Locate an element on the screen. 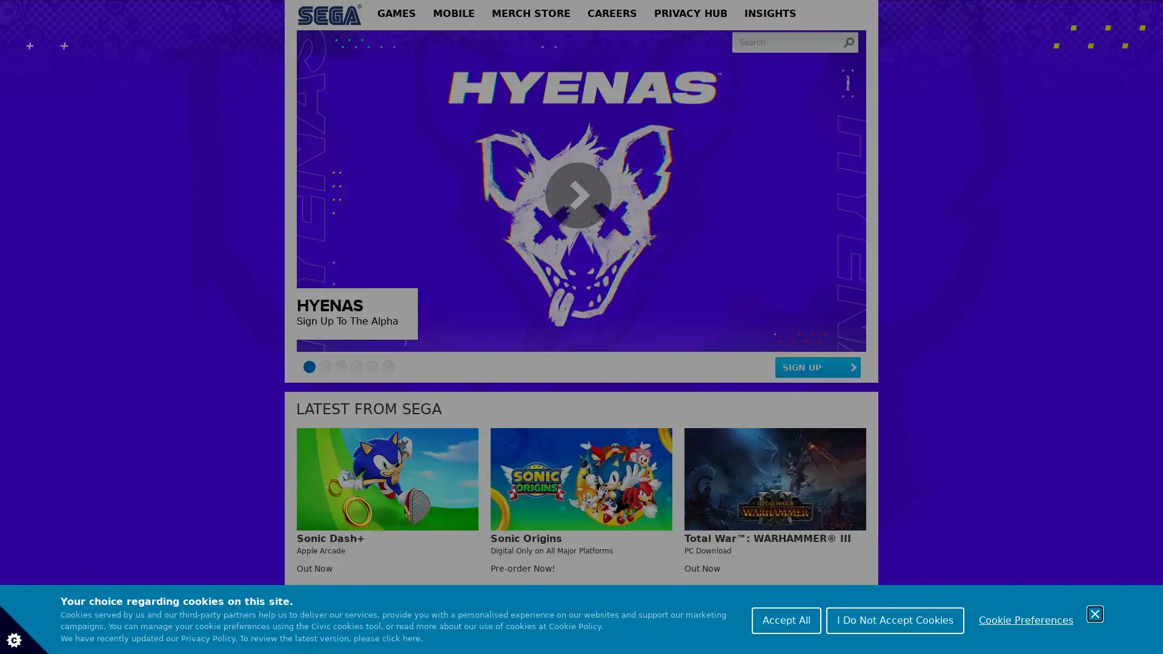  Apply is located at coordinates (848, 41).